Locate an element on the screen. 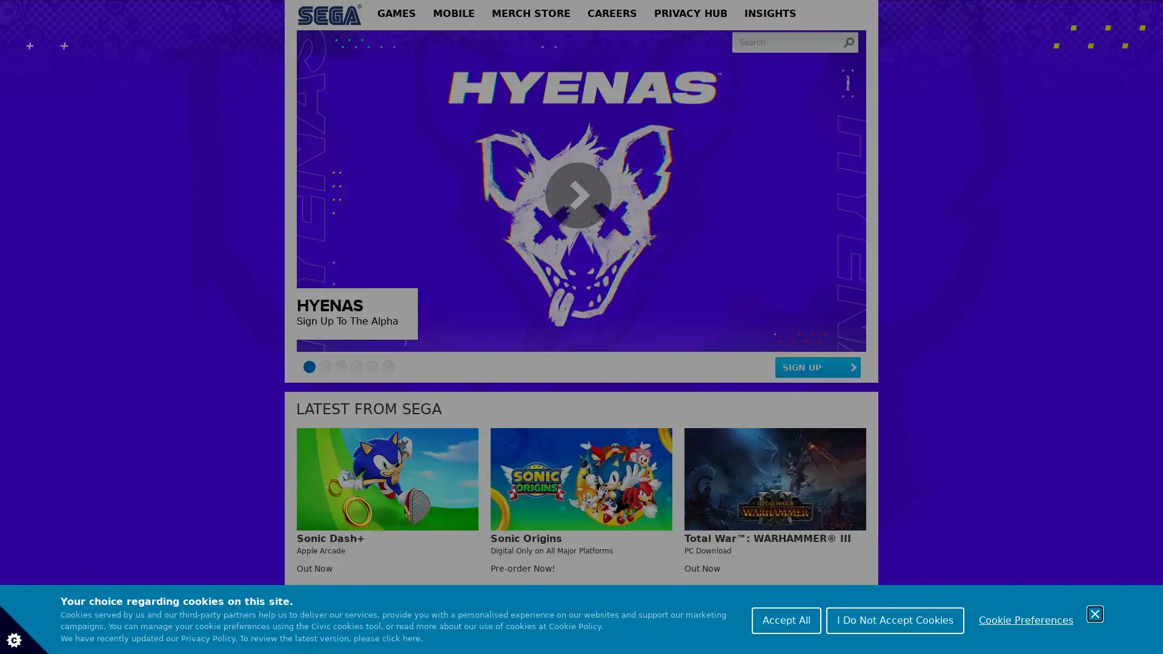  Apply is located at coordinates (848, 41).